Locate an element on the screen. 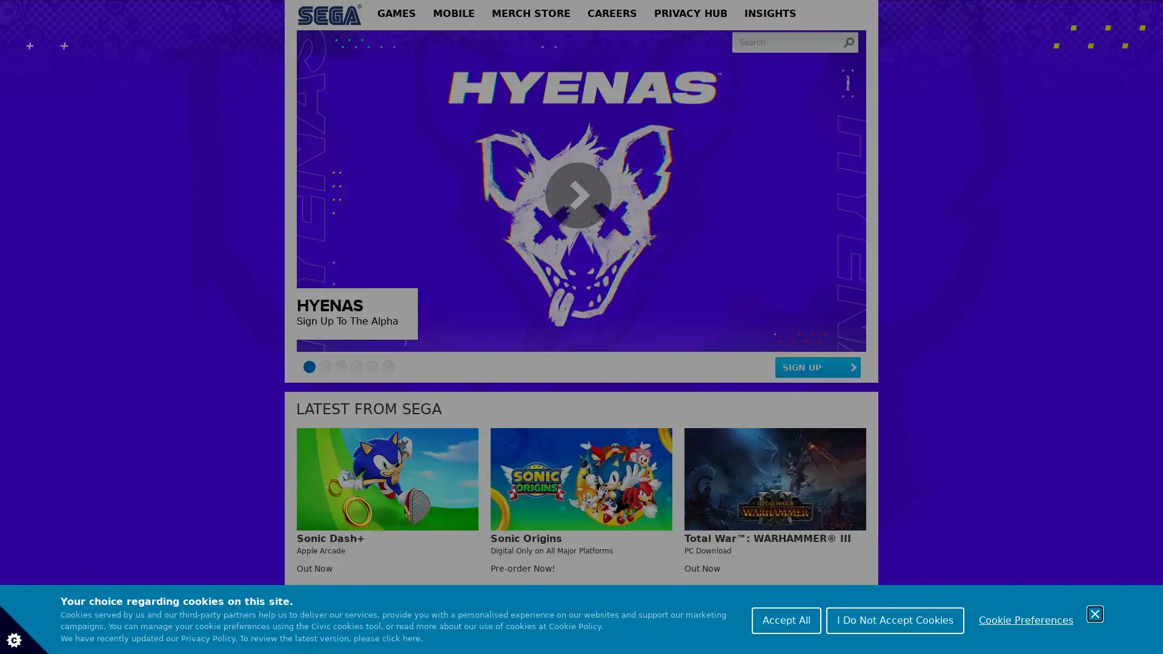  Apply is located at coordinates (848, 41).